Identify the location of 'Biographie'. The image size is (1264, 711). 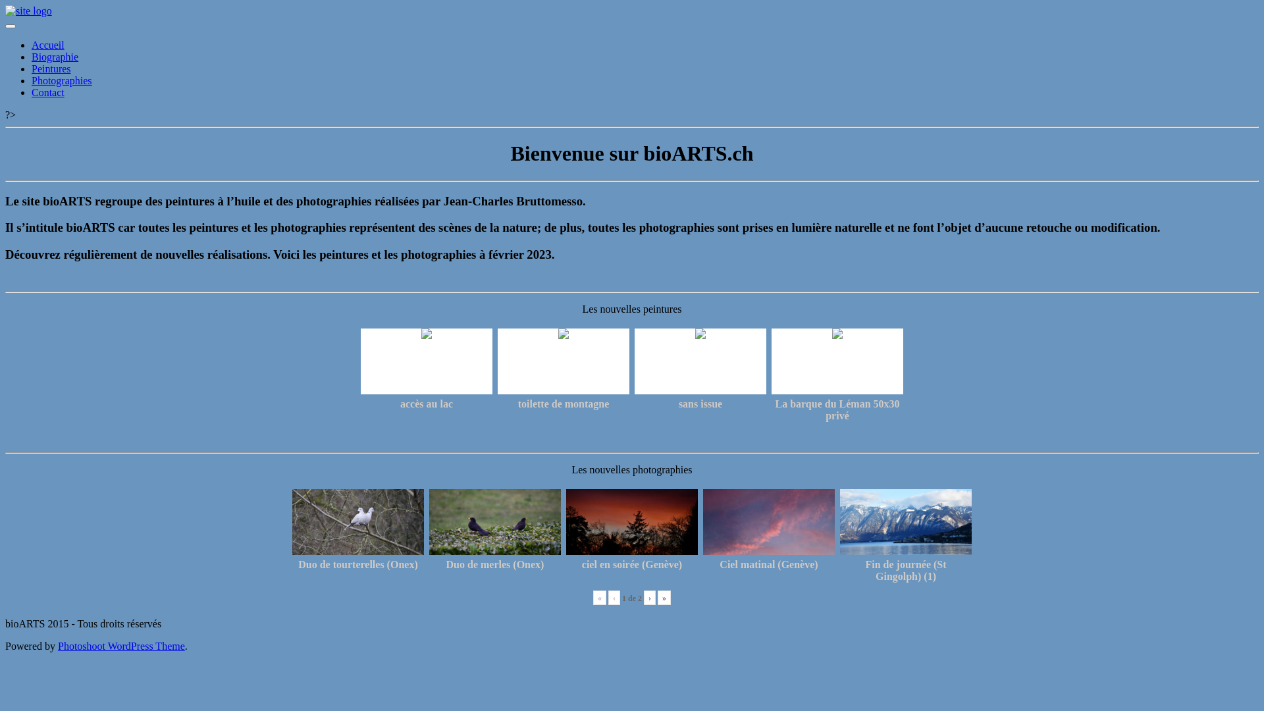
(54, 56).